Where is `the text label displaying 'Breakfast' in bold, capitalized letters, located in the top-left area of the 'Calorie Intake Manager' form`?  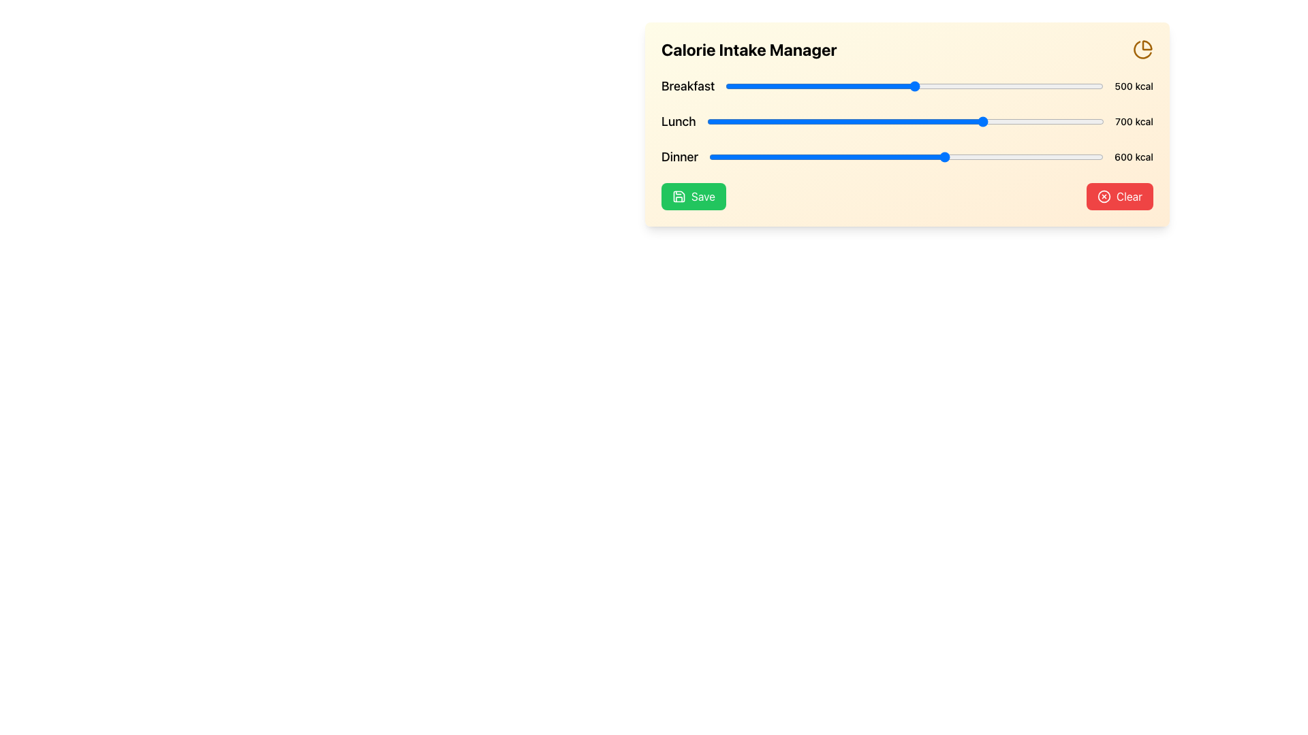 the text label displaying 'Breakfast' in bold, capitalized letters, located in the top-left area of the 'Calorie Intake Manager' form is located at coordinates (688, 86).